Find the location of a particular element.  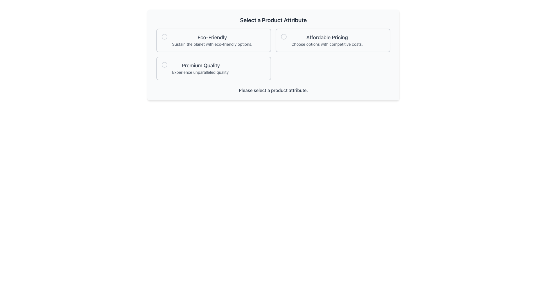

the explanatory text label providing details about the 'Premium Quality' selection option, which is located directly below the title text within the card labeled 'Premium Quality' is located at coordinates (201, 72).